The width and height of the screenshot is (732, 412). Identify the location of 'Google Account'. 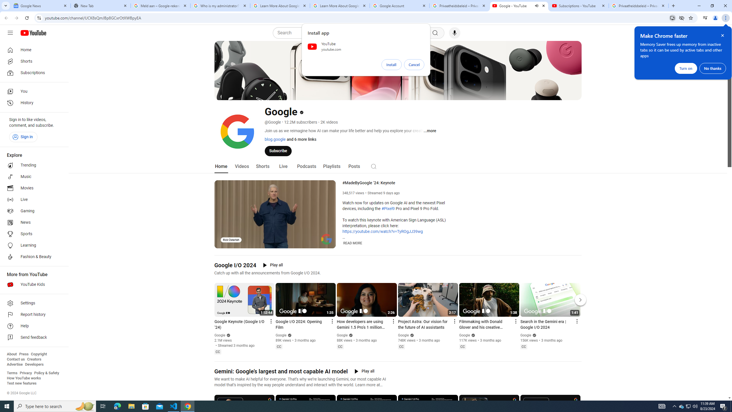
(399, 5).